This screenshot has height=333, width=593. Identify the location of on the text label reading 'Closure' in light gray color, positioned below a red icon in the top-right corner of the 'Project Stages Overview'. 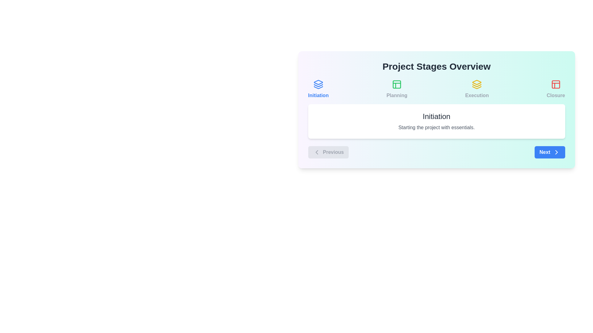
(556, 95).